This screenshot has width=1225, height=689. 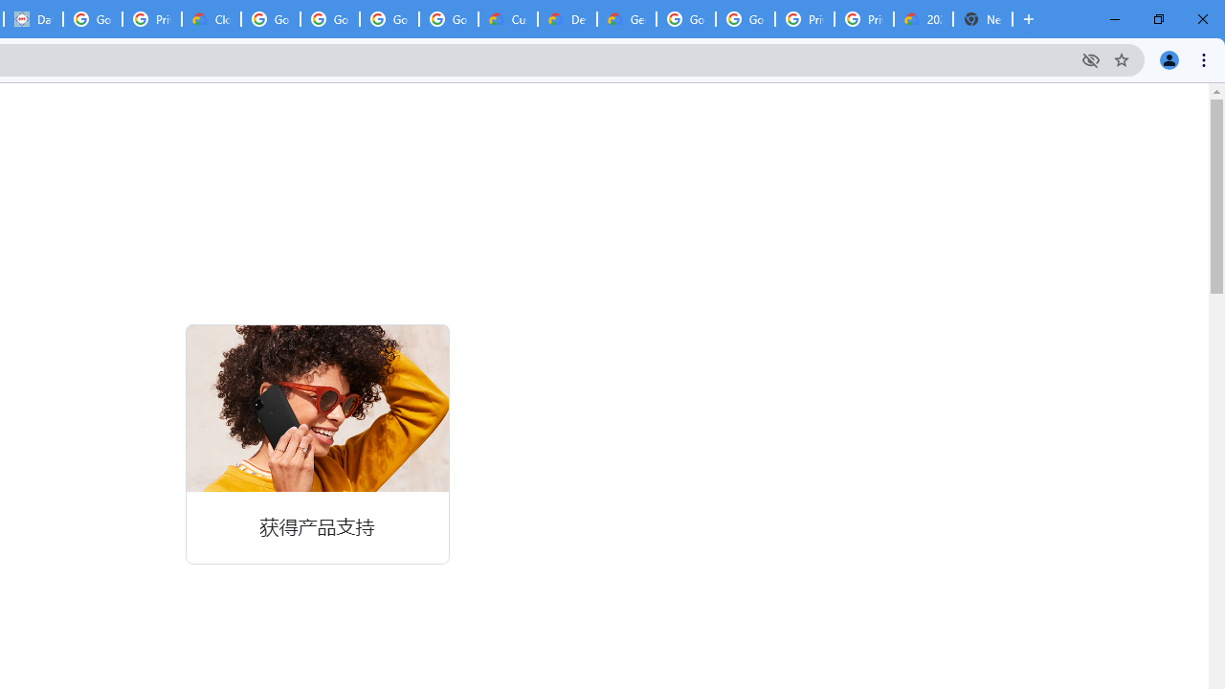 What do you see at coordinates (983, 19) in the screenshot?
I see `'New Tab'` at bounding box center [983, 19].